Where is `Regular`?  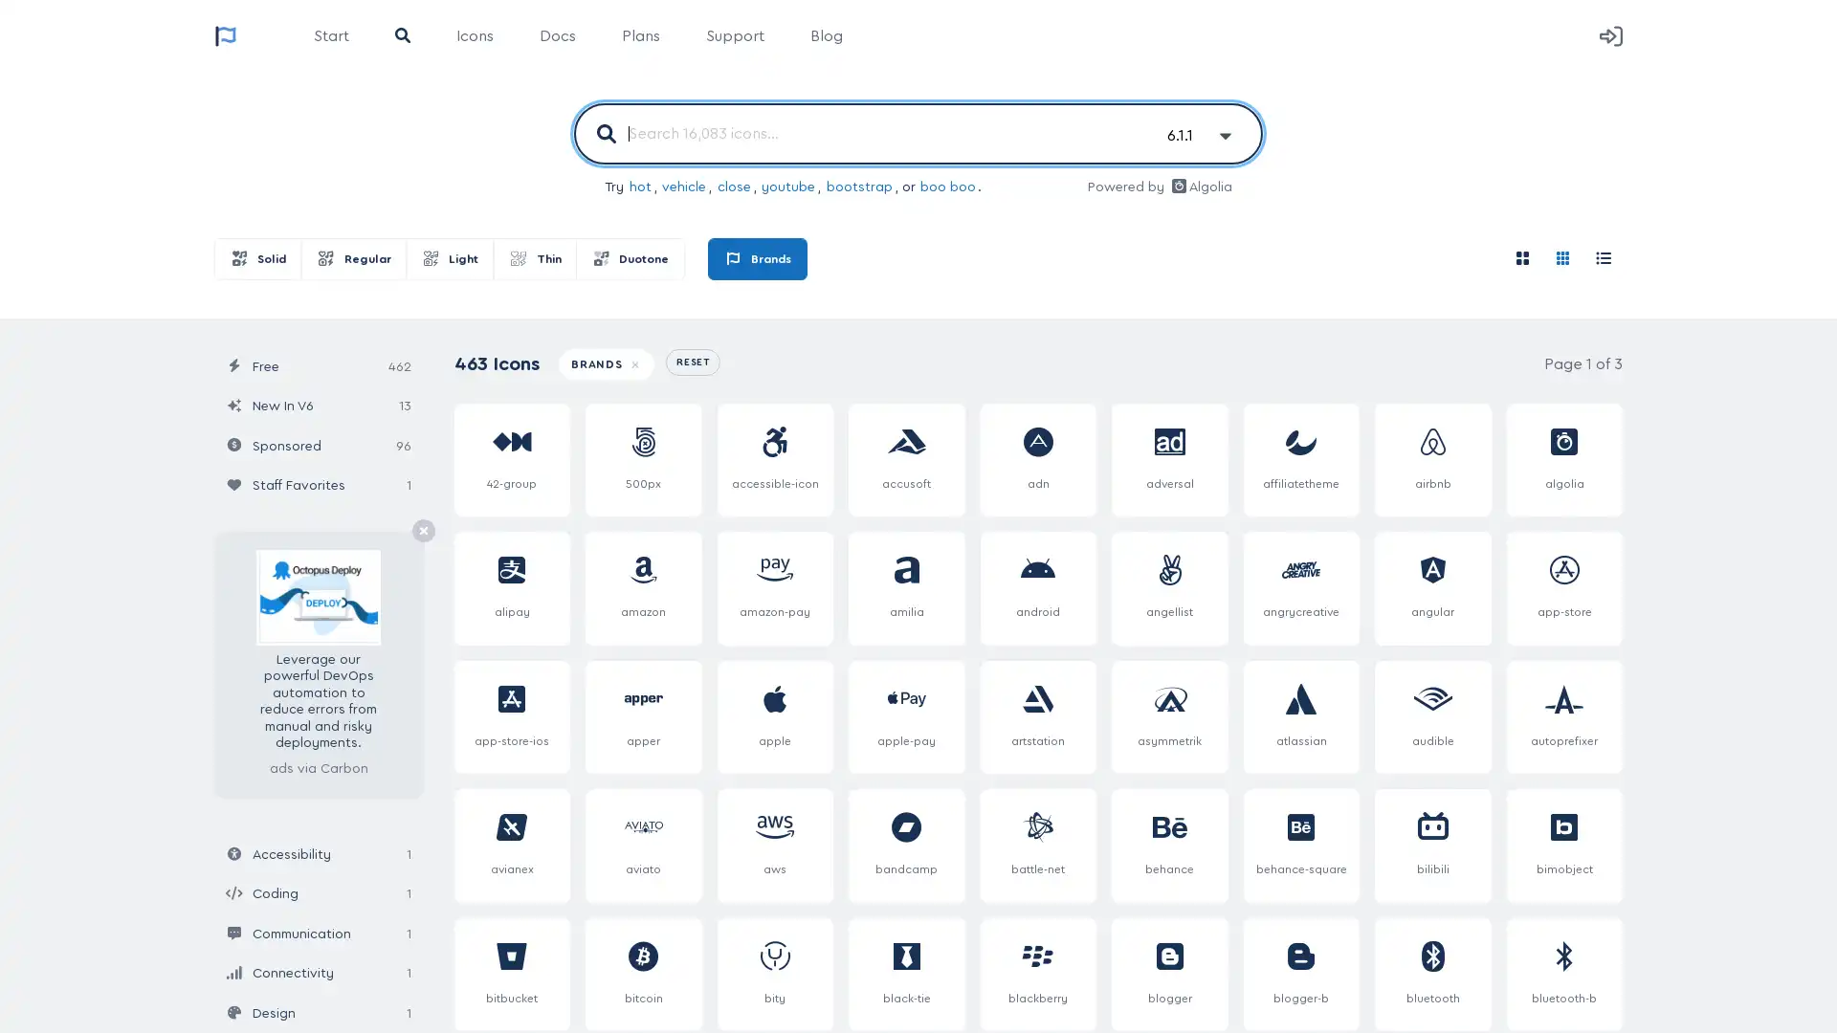
Regular is located at coordinates (403, 265).